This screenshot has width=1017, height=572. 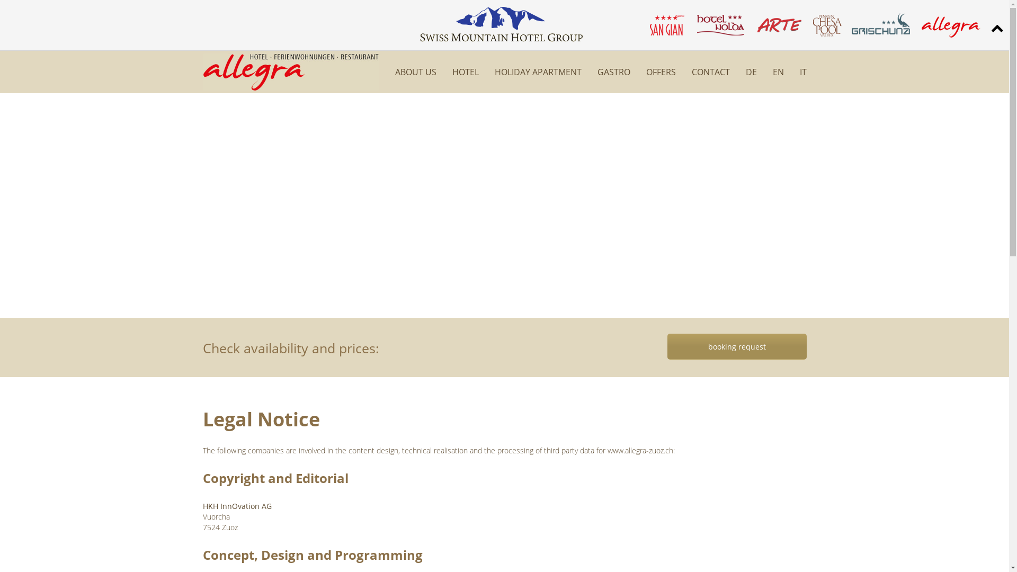 What do you see at coordinates (394, 71) in the screenshot?
I see `'ABOUT US'` at bounding box center [394, 71].